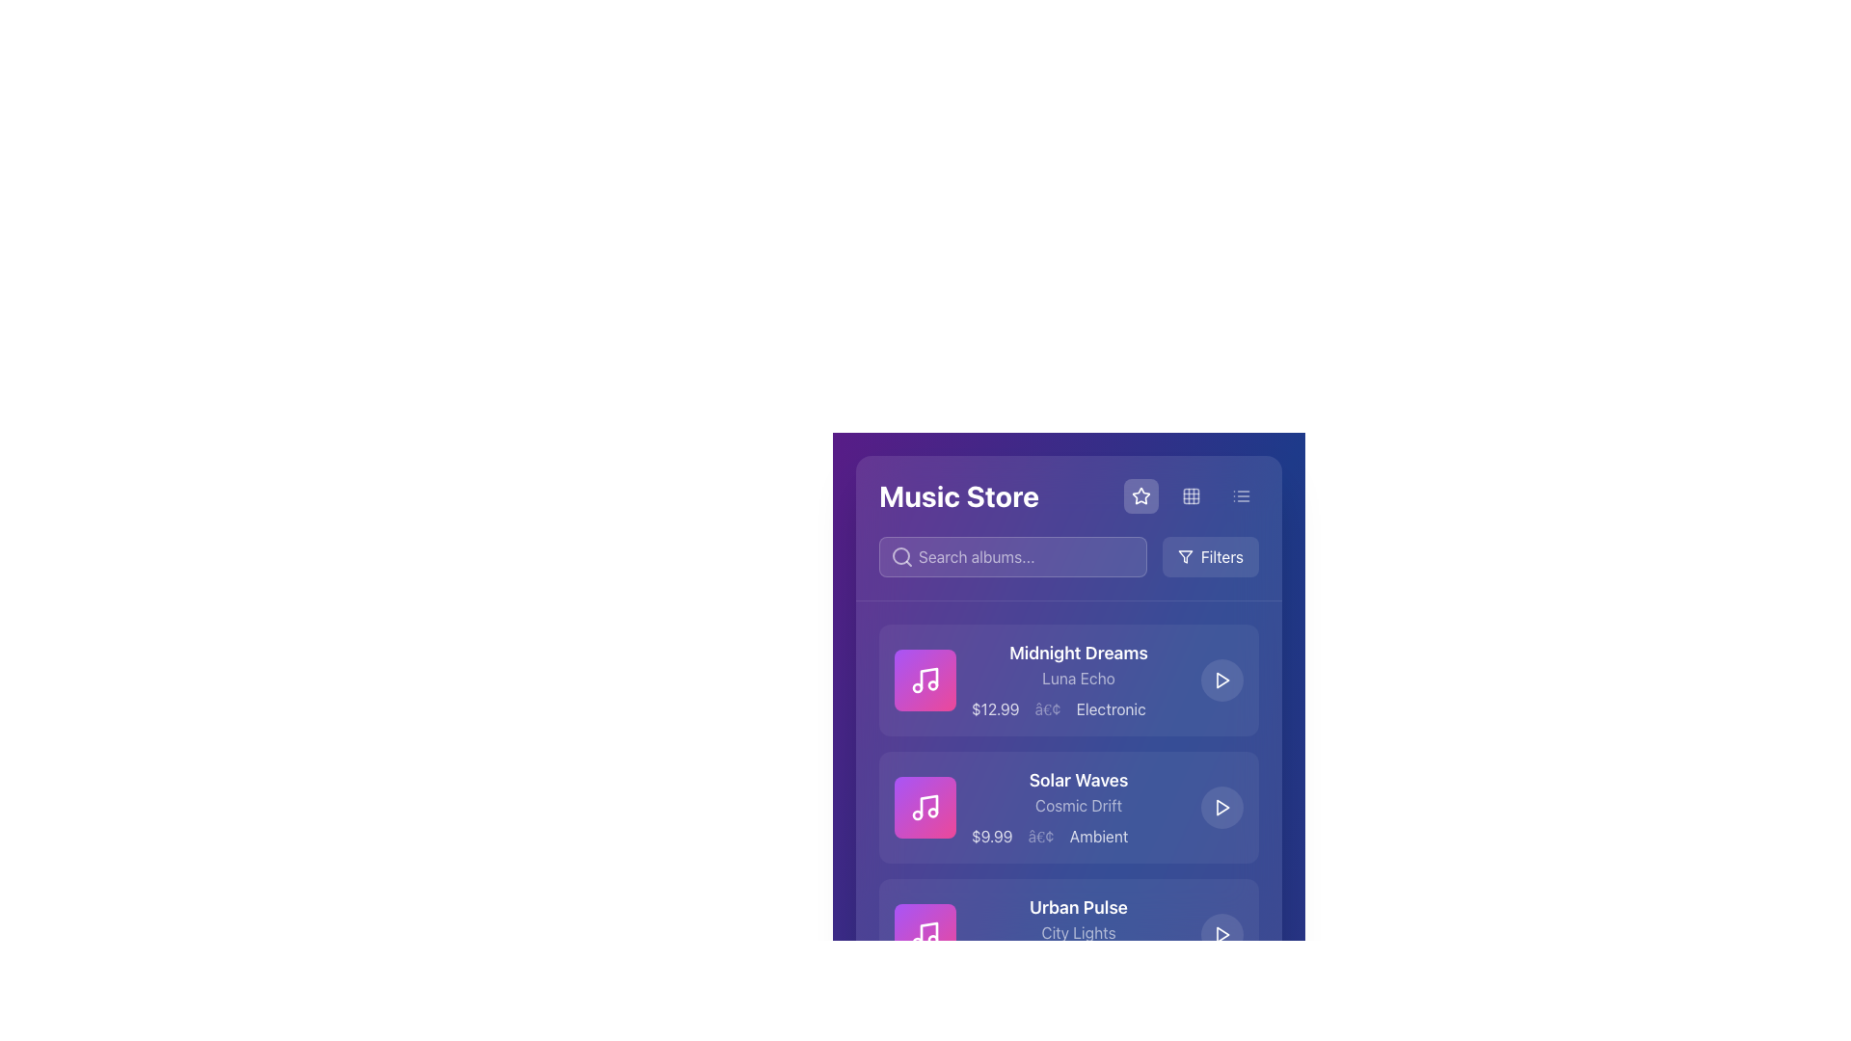  Describe the element at coordinates (1077, 933) in the screenshot. I see `the information display block for the music album or track to enable accessibility features` at that location.